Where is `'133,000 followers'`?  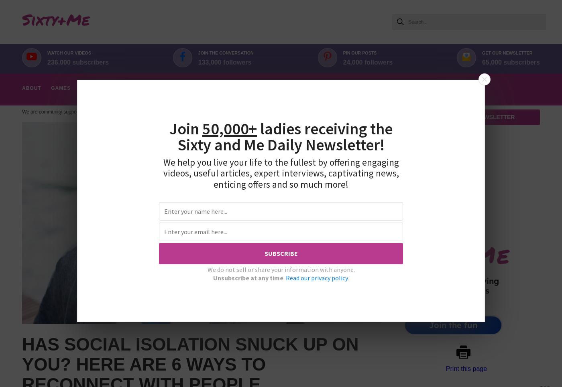 '133,000 followers' is located at coordinates (198, 62).